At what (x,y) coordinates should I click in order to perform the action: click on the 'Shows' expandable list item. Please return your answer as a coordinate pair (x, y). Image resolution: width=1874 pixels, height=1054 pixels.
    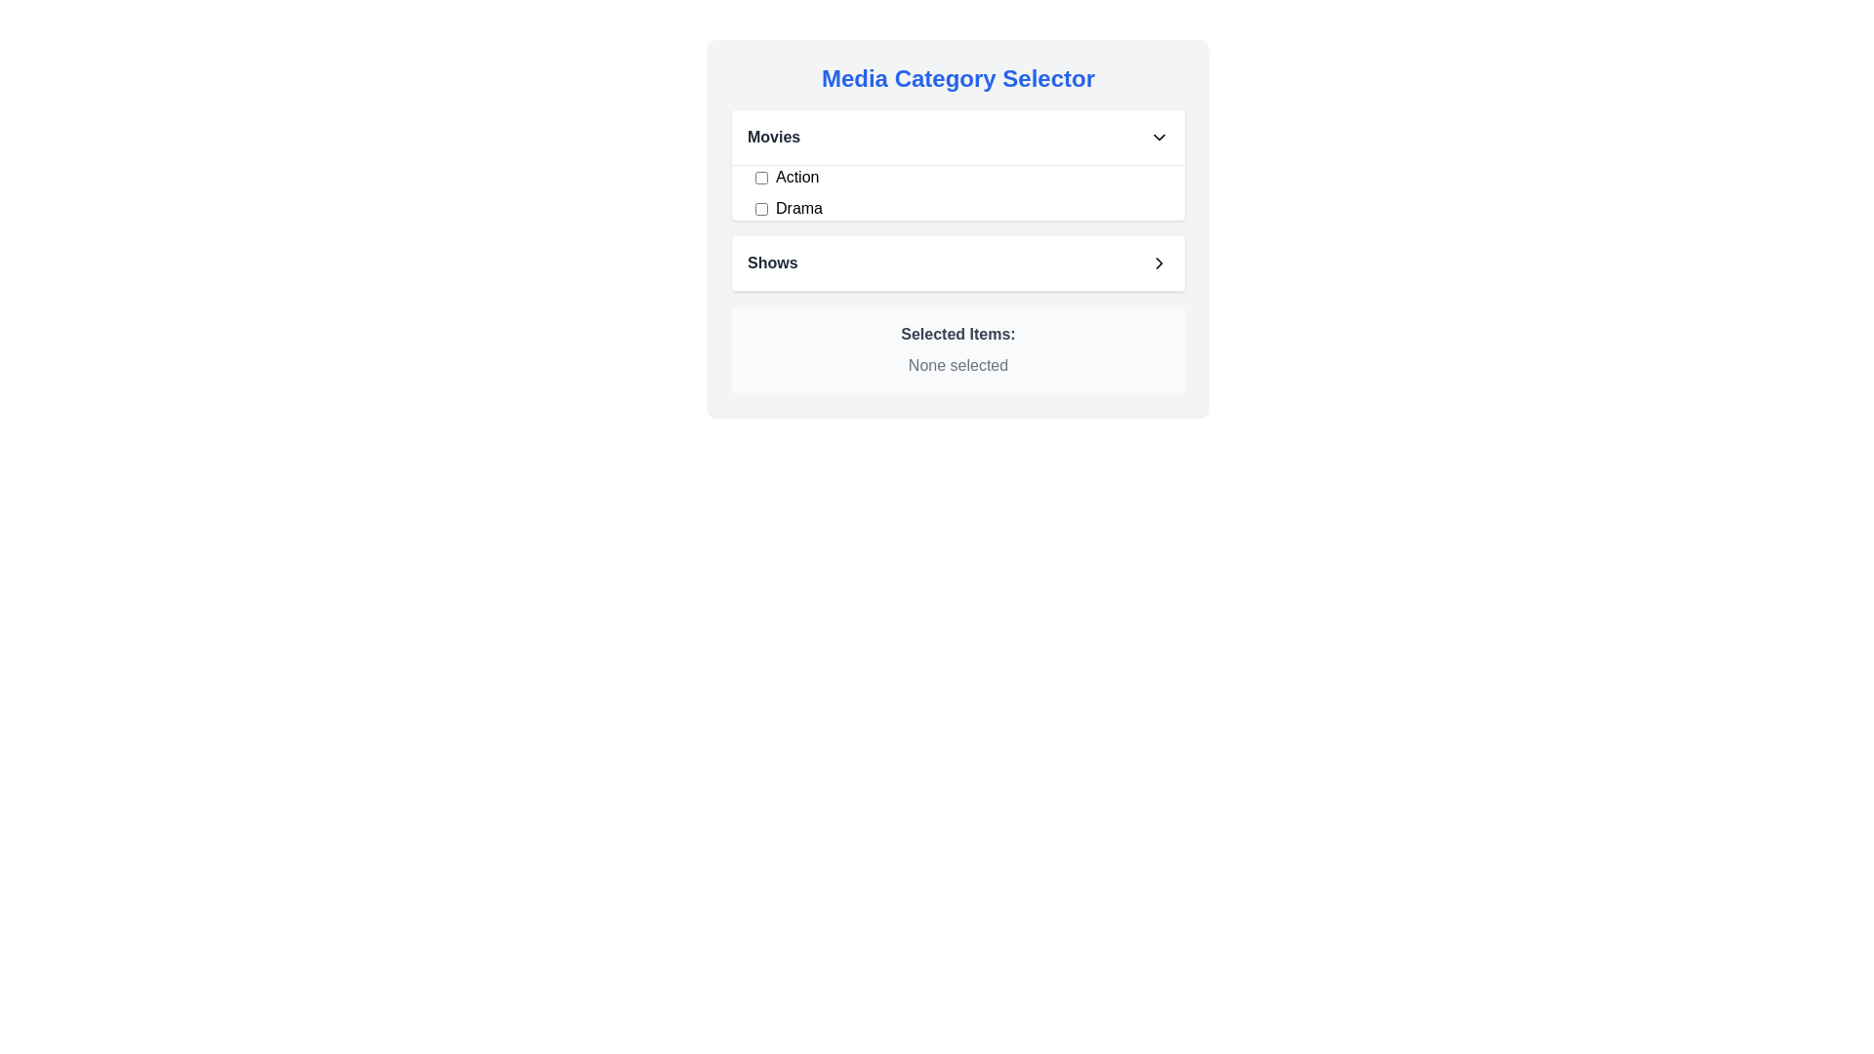
    Looking at the image, I should click on (958, 263).